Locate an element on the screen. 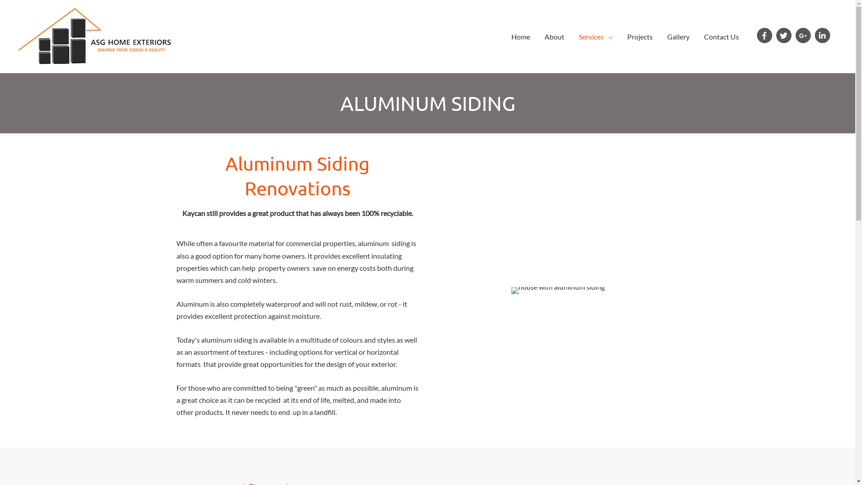  'Services' is located at coordinates (571, 36).